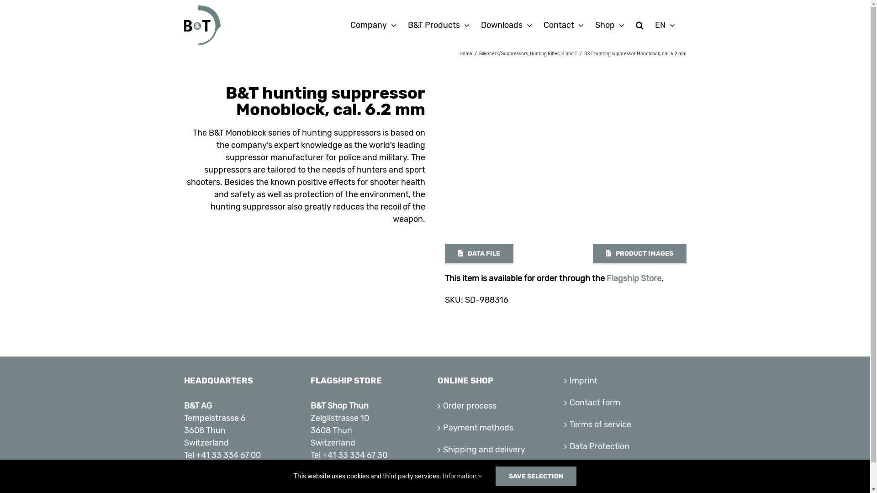  Describe the element at coordinates (506, 24) in the screenshot. I see `'Downloads'` at that location.